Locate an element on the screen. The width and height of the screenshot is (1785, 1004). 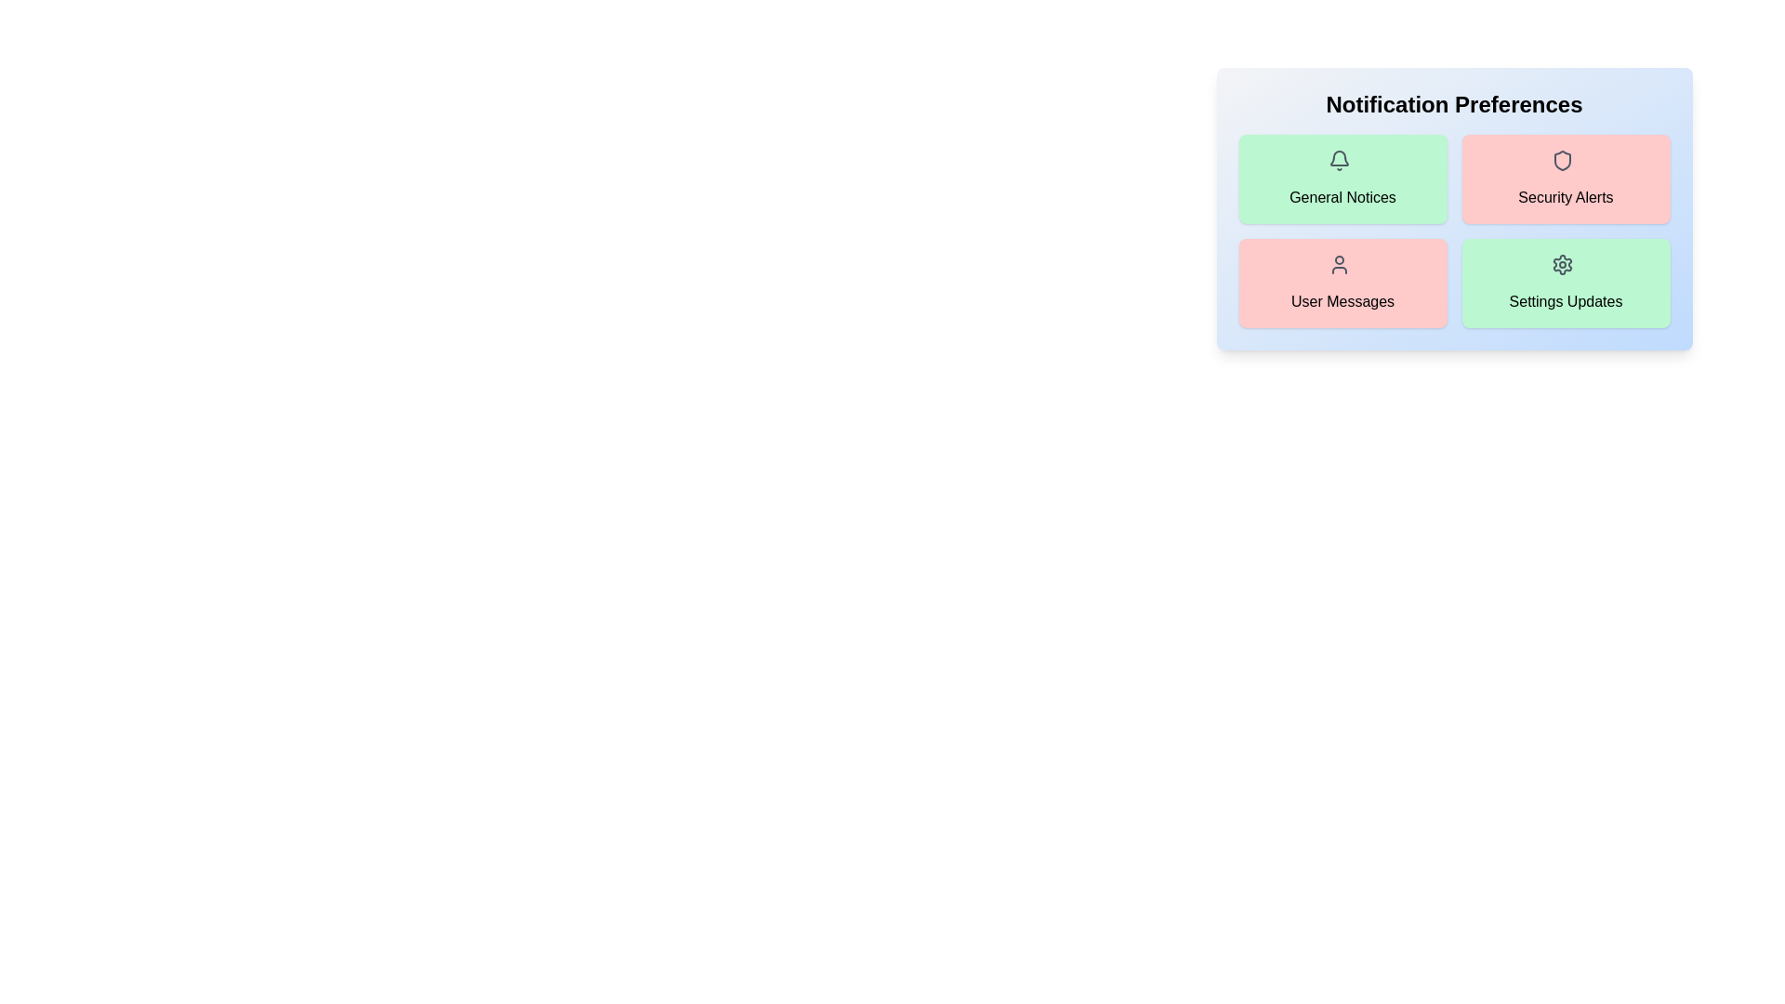
the icon for Settings Updates notification is located at coordinates (1565, 269).